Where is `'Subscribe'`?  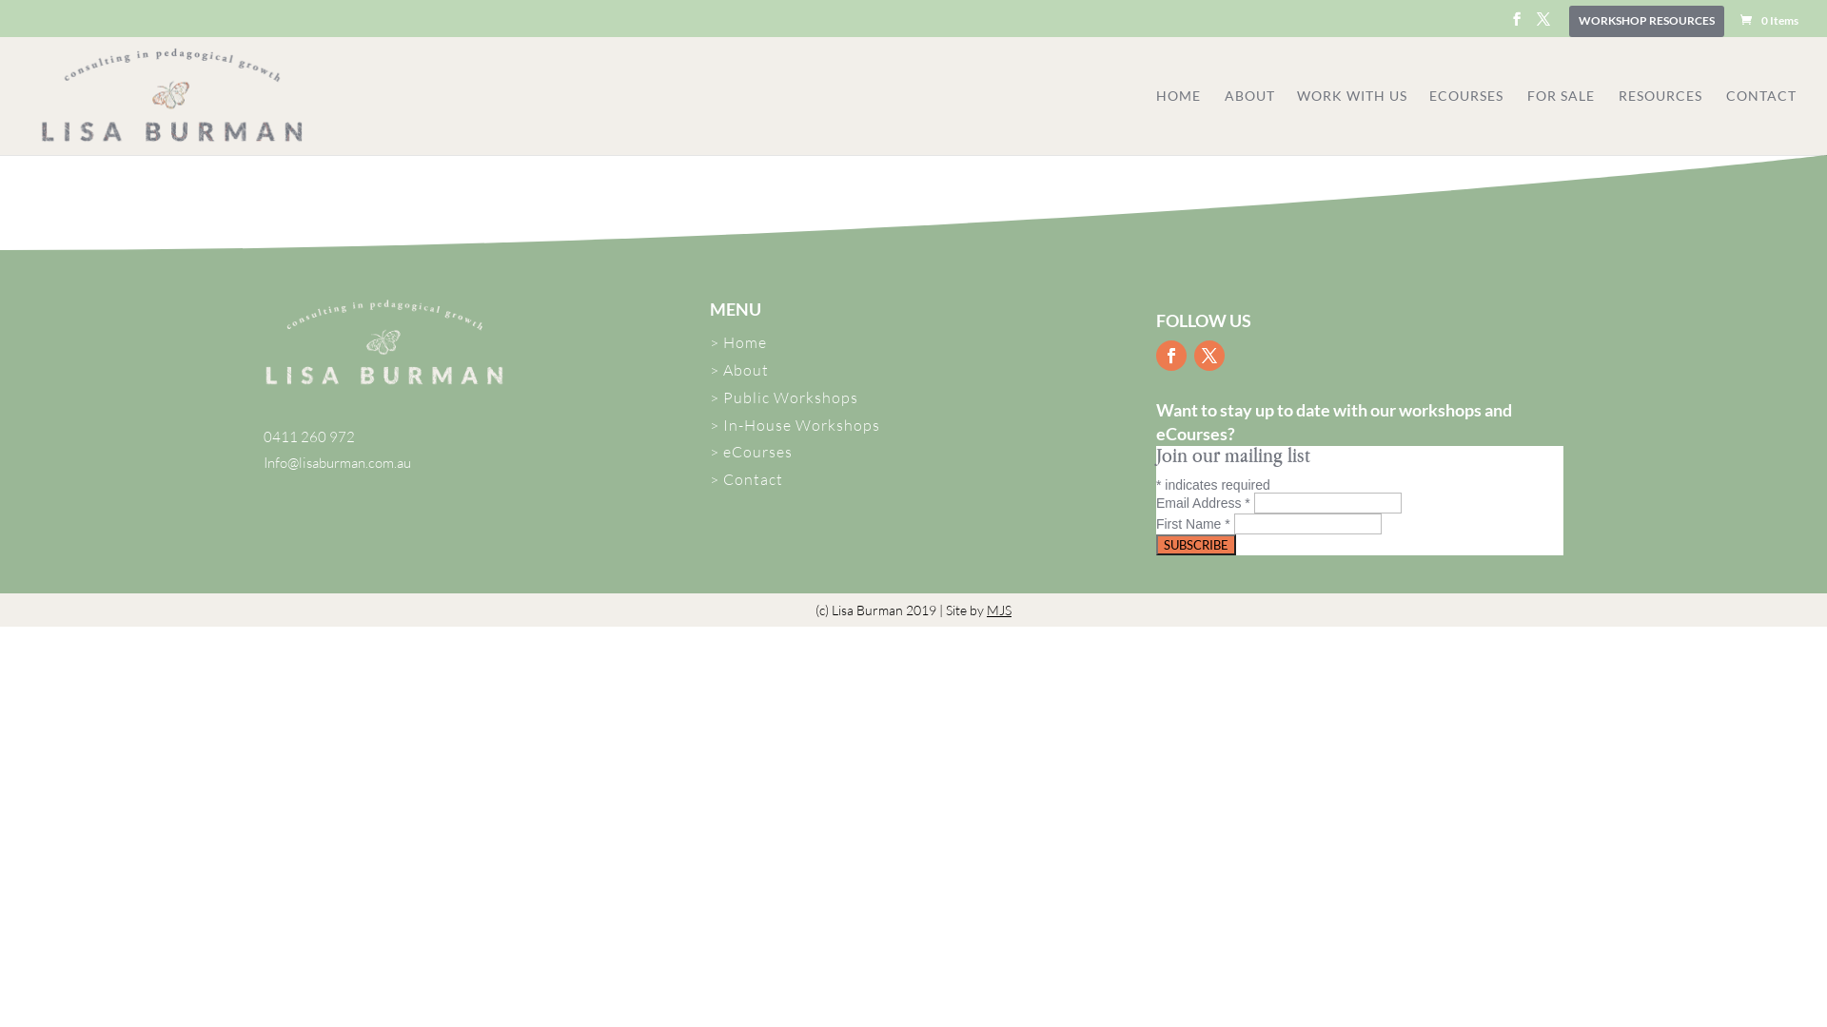
'Subscribe' is located at coordinates (1154, 545).